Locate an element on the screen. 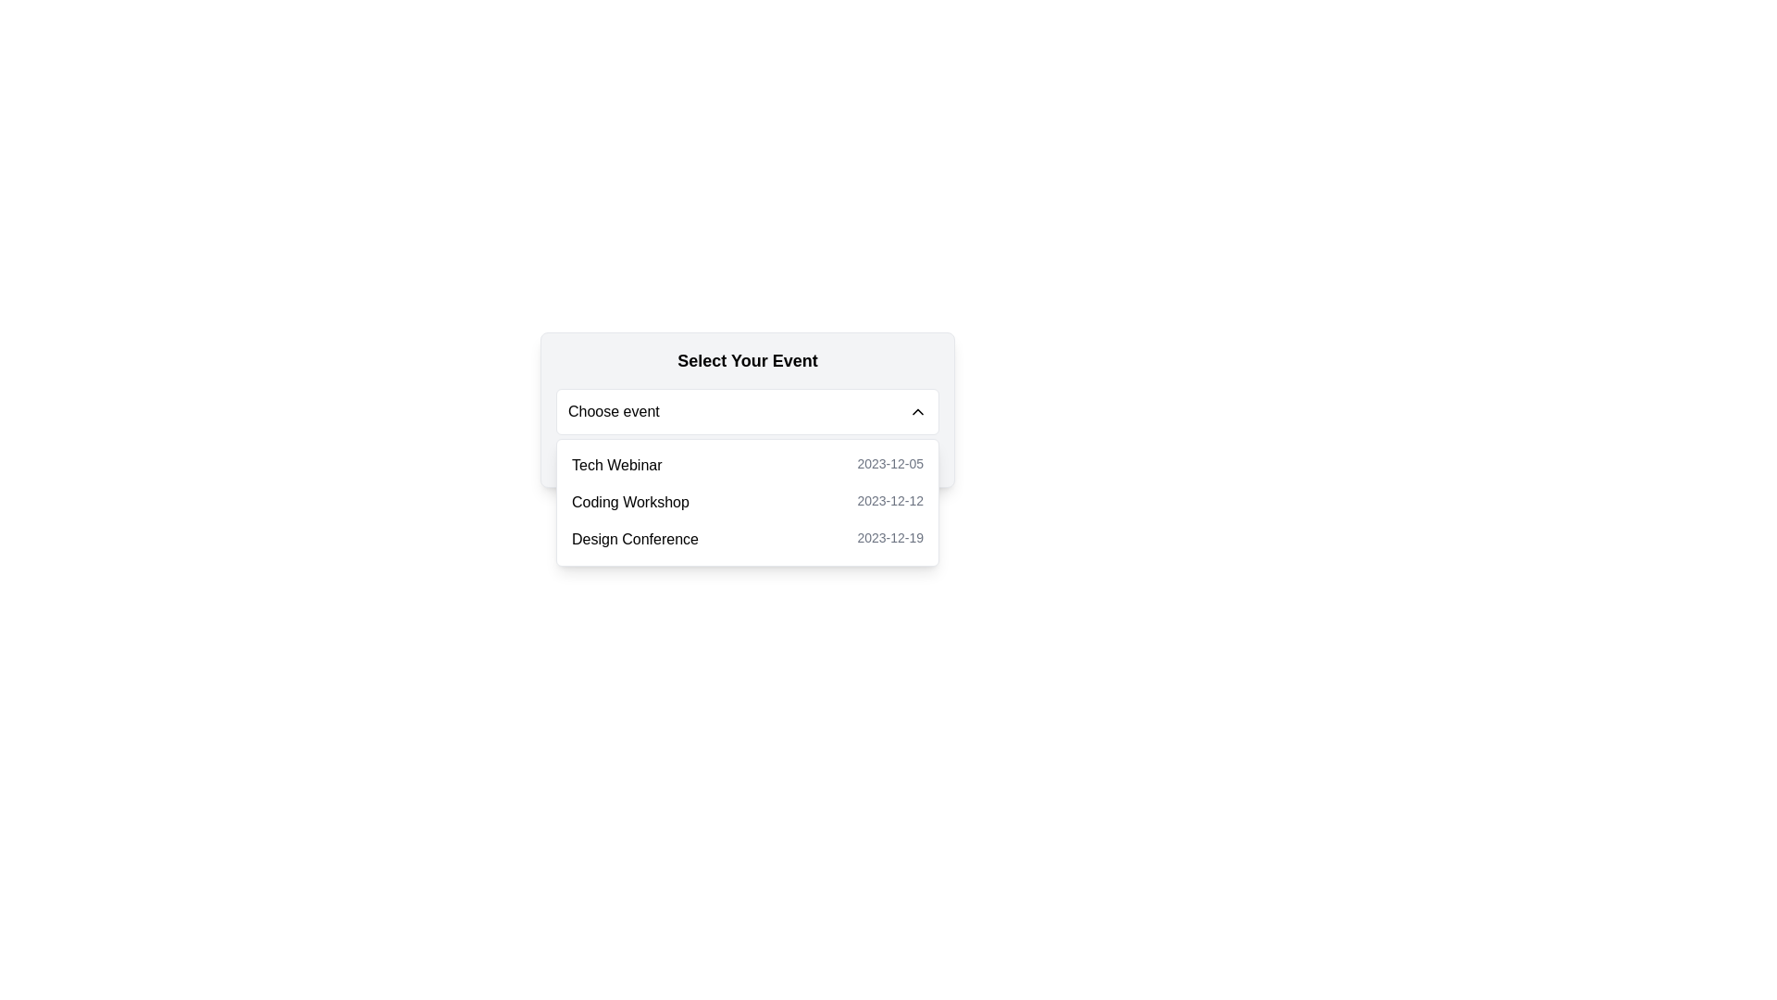  the 'Design Conference' dropdown menu item, which is the last option in the dropdown and includes the date '2023-12-19' is located at coordinates (747, 539).